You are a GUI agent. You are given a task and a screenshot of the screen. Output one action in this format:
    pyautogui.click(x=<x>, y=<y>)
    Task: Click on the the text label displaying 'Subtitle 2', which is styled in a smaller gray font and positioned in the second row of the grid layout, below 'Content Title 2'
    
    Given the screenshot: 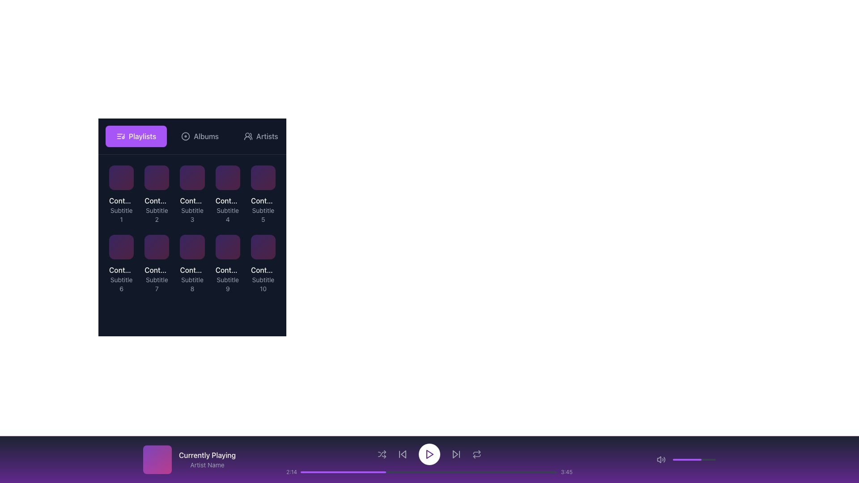 What is the action you would take?
    pyautogui.click(x=157, y=215)
    